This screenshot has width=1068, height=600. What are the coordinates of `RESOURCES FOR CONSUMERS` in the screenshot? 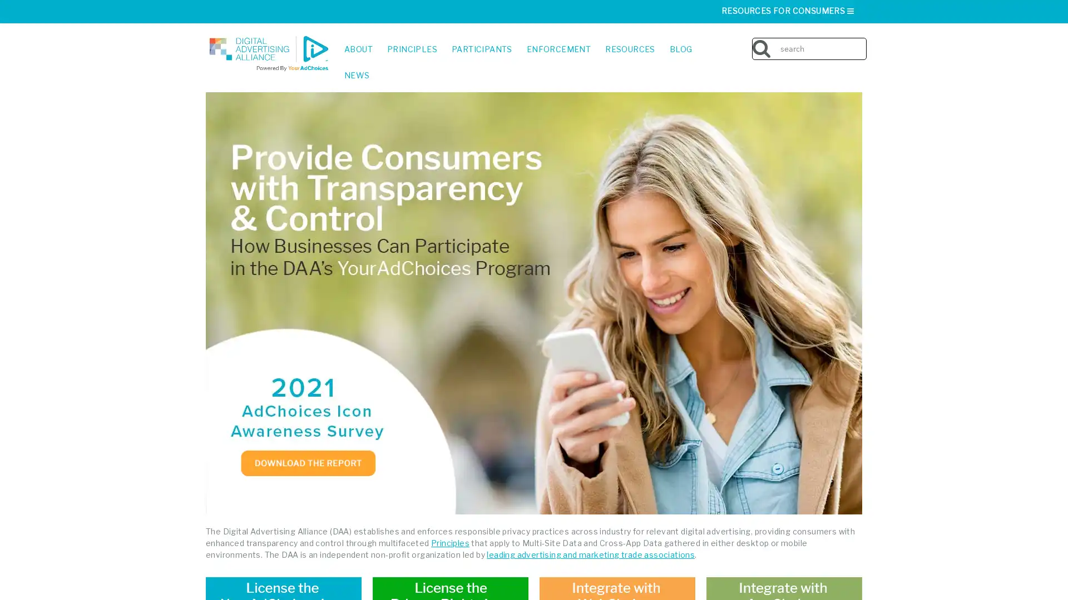 It's located at (788, 11).